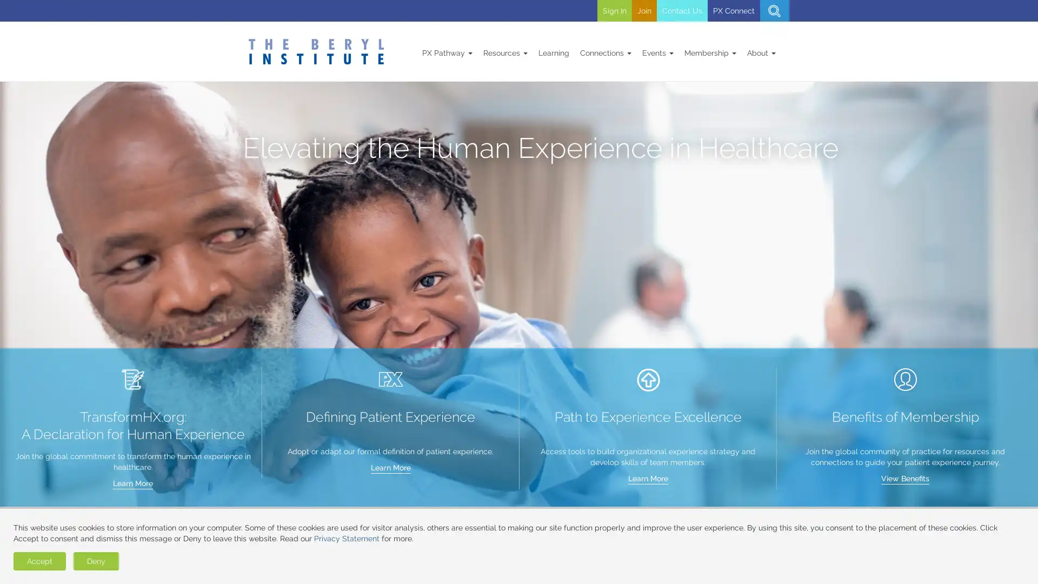  I want to click on Accept, so click(39, 560).